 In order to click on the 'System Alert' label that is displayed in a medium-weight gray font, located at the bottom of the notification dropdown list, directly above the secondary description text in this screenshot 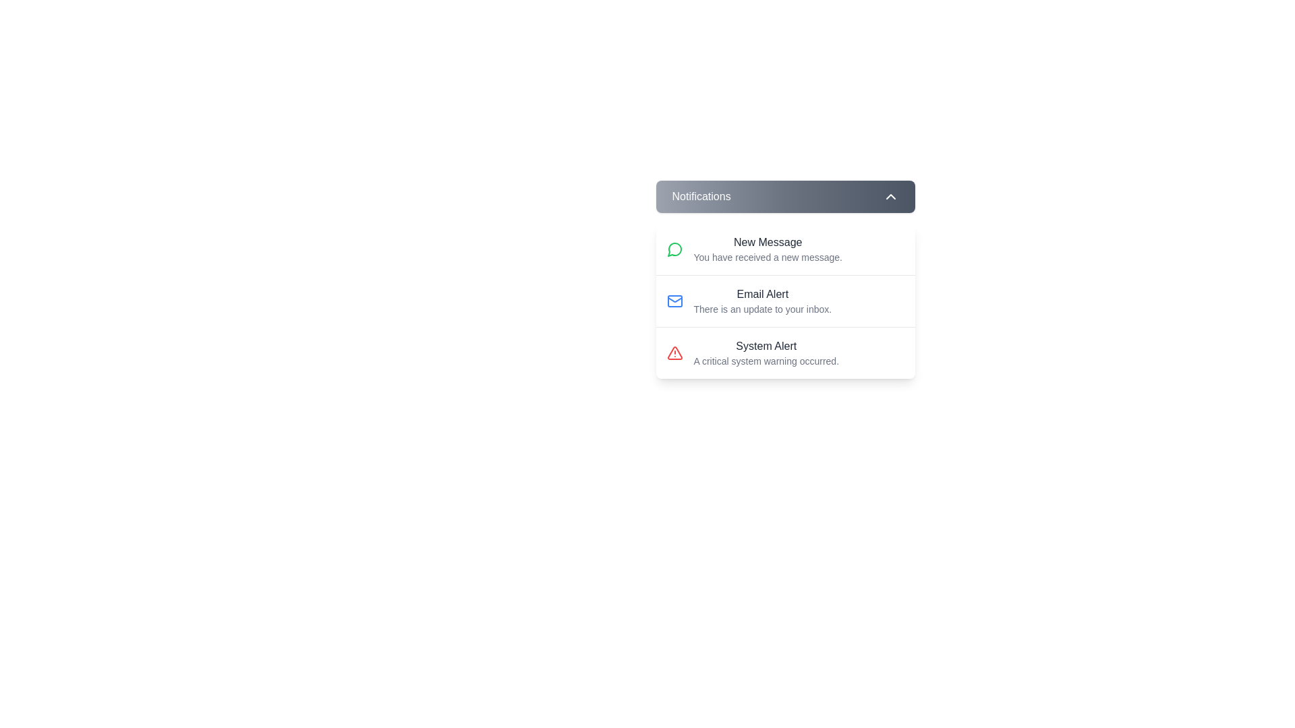, I will do `click(766, 345)`.